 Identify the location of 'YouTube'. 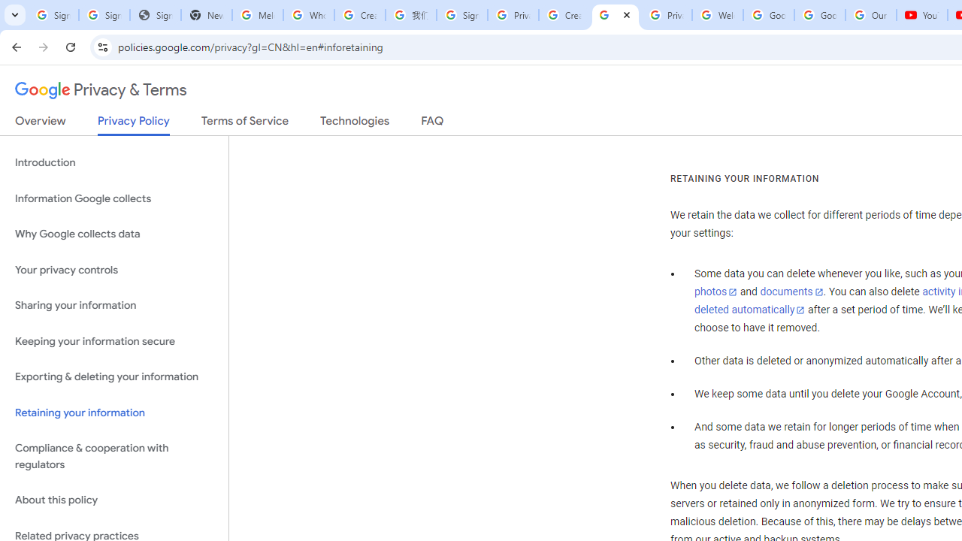
(921, 15).